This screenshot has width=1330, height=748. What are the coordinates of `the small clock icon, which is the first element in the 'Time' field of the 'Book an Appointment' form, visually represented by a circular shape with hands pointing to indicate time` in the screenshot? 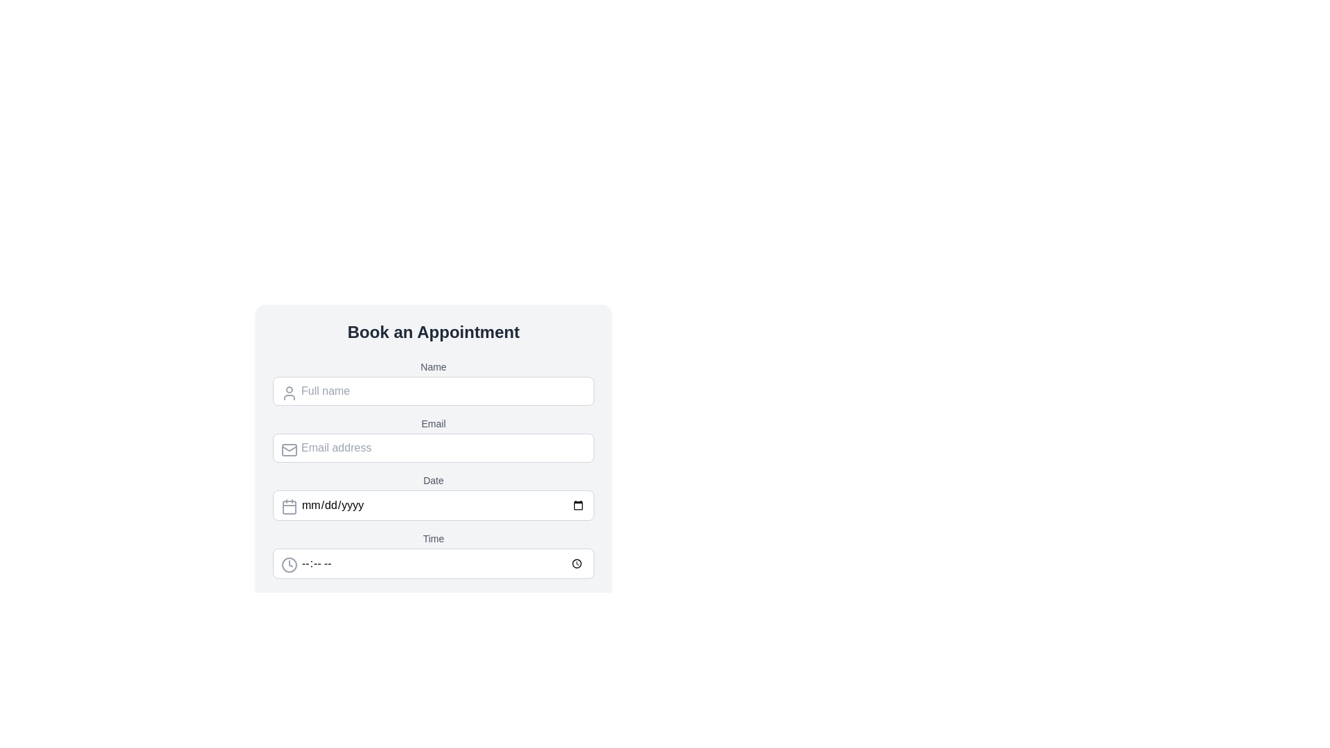 It's located at (288, 565).